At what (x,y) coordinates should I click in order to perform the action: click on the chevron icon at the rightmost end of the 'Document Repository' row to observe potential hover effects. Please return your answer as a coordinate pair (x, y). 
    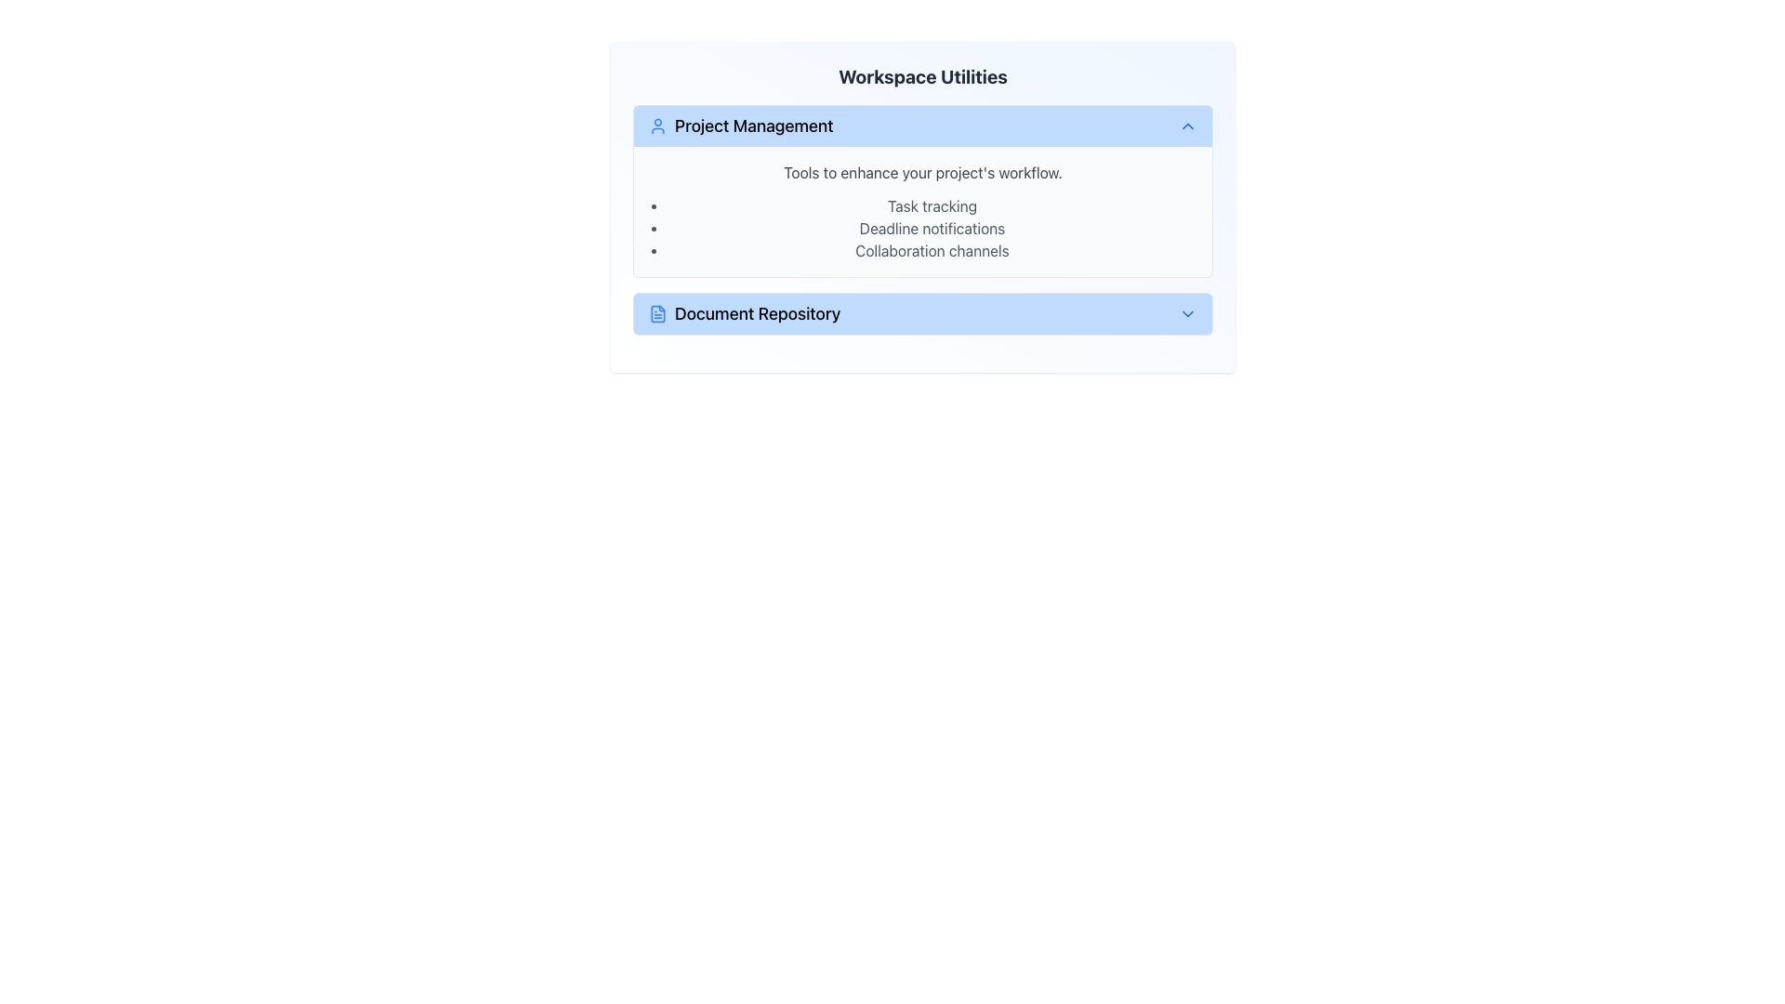
    Looking at the image, I should click on (1186, 313).